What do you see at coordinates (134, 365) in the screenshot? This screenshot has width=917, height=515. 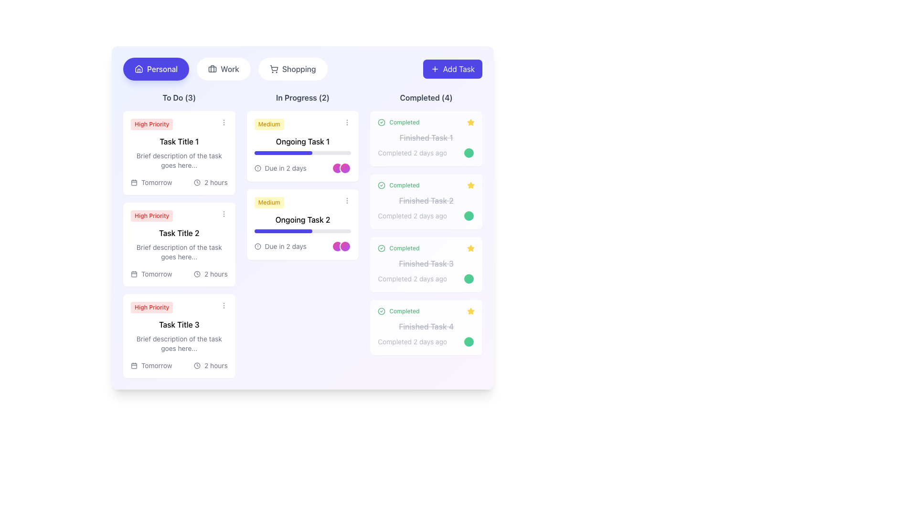 I see `the compact calendar-style icon located to the left of the 'Tomorrow' label within the 'To Do' task card titled 'Task Title 3'` at bounding box center [134, 365].